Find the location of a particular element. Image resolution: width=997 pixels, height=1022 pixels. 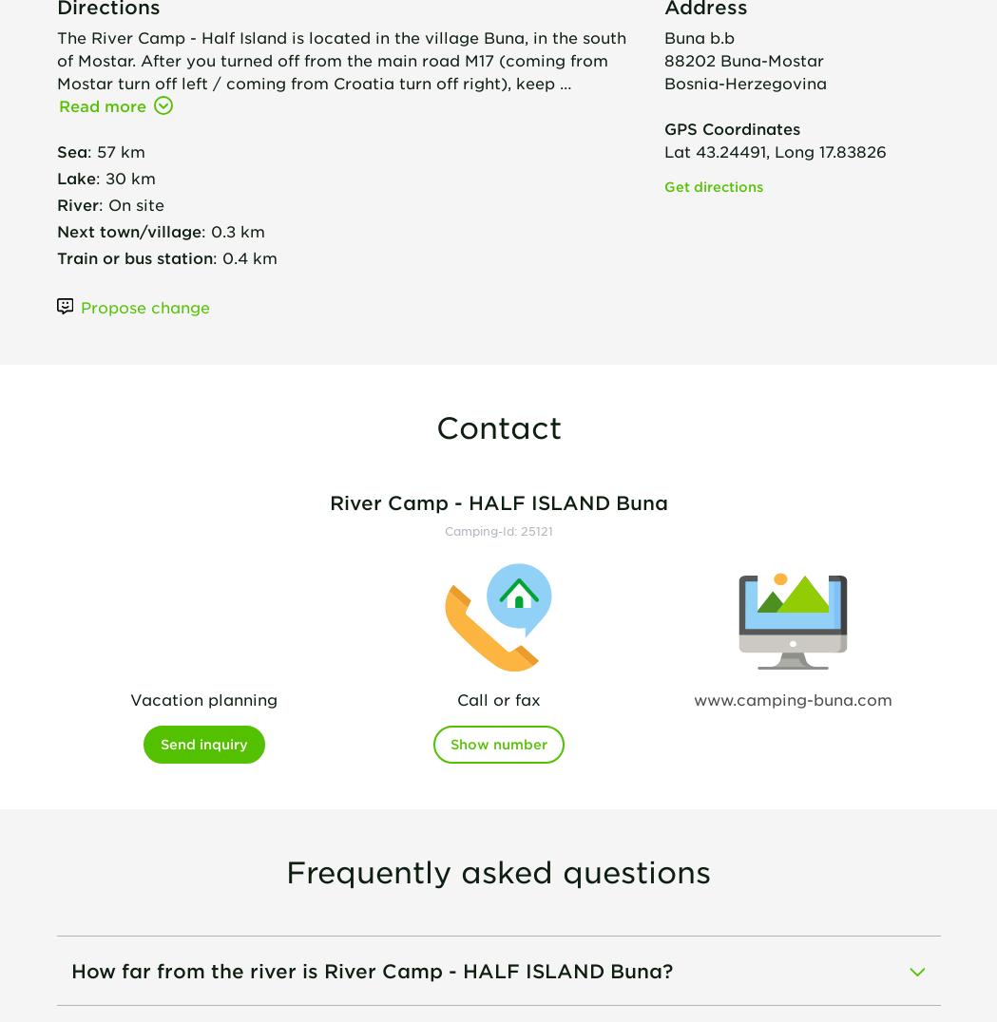

'www.camping-buna.com' is located at coordinates (792, 697).